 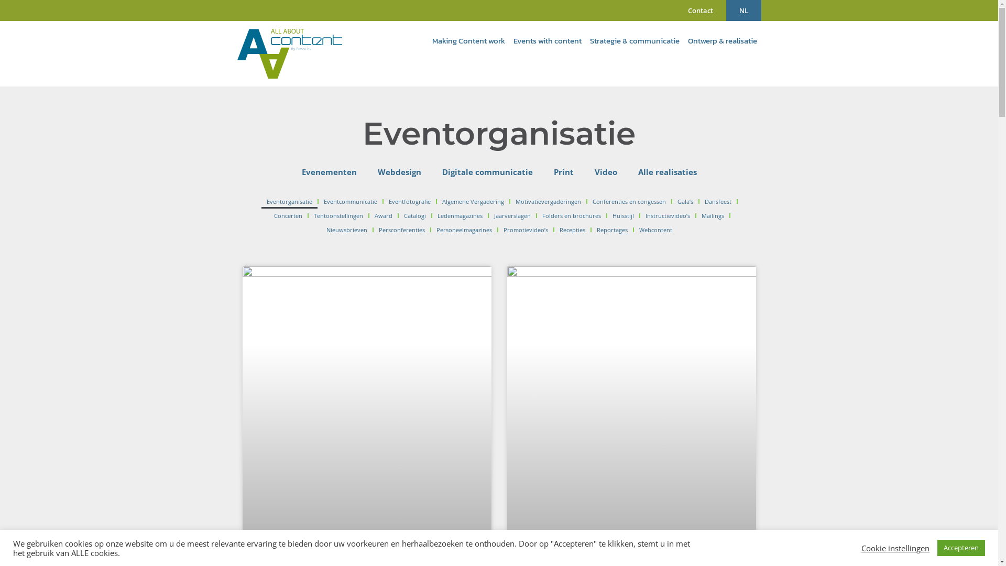 What do you see at coordinates (398, 171) in the screenshot?
I see `'Webdesign'` at bounding box center [398, 171].